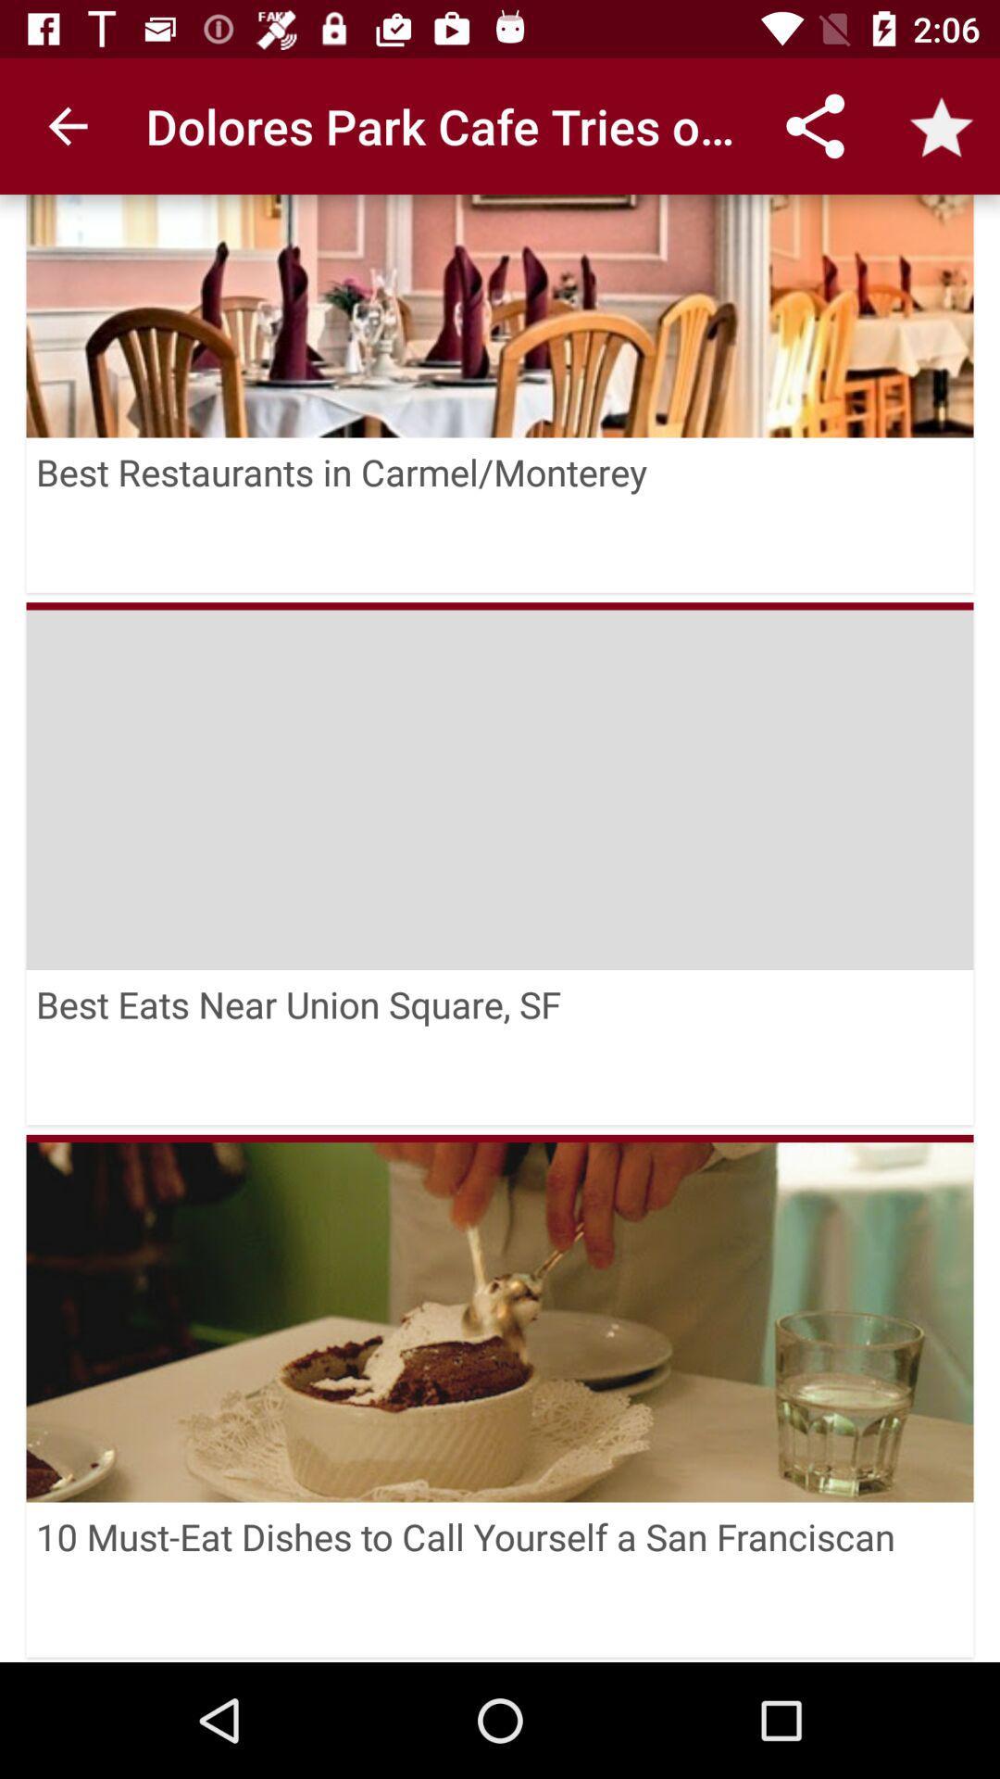 This screenshot has width=1000, height=1779. Describe the element at coordinates (67, 125) in the screenshot. I see `app to the left of dolores park cafe app` at that location.